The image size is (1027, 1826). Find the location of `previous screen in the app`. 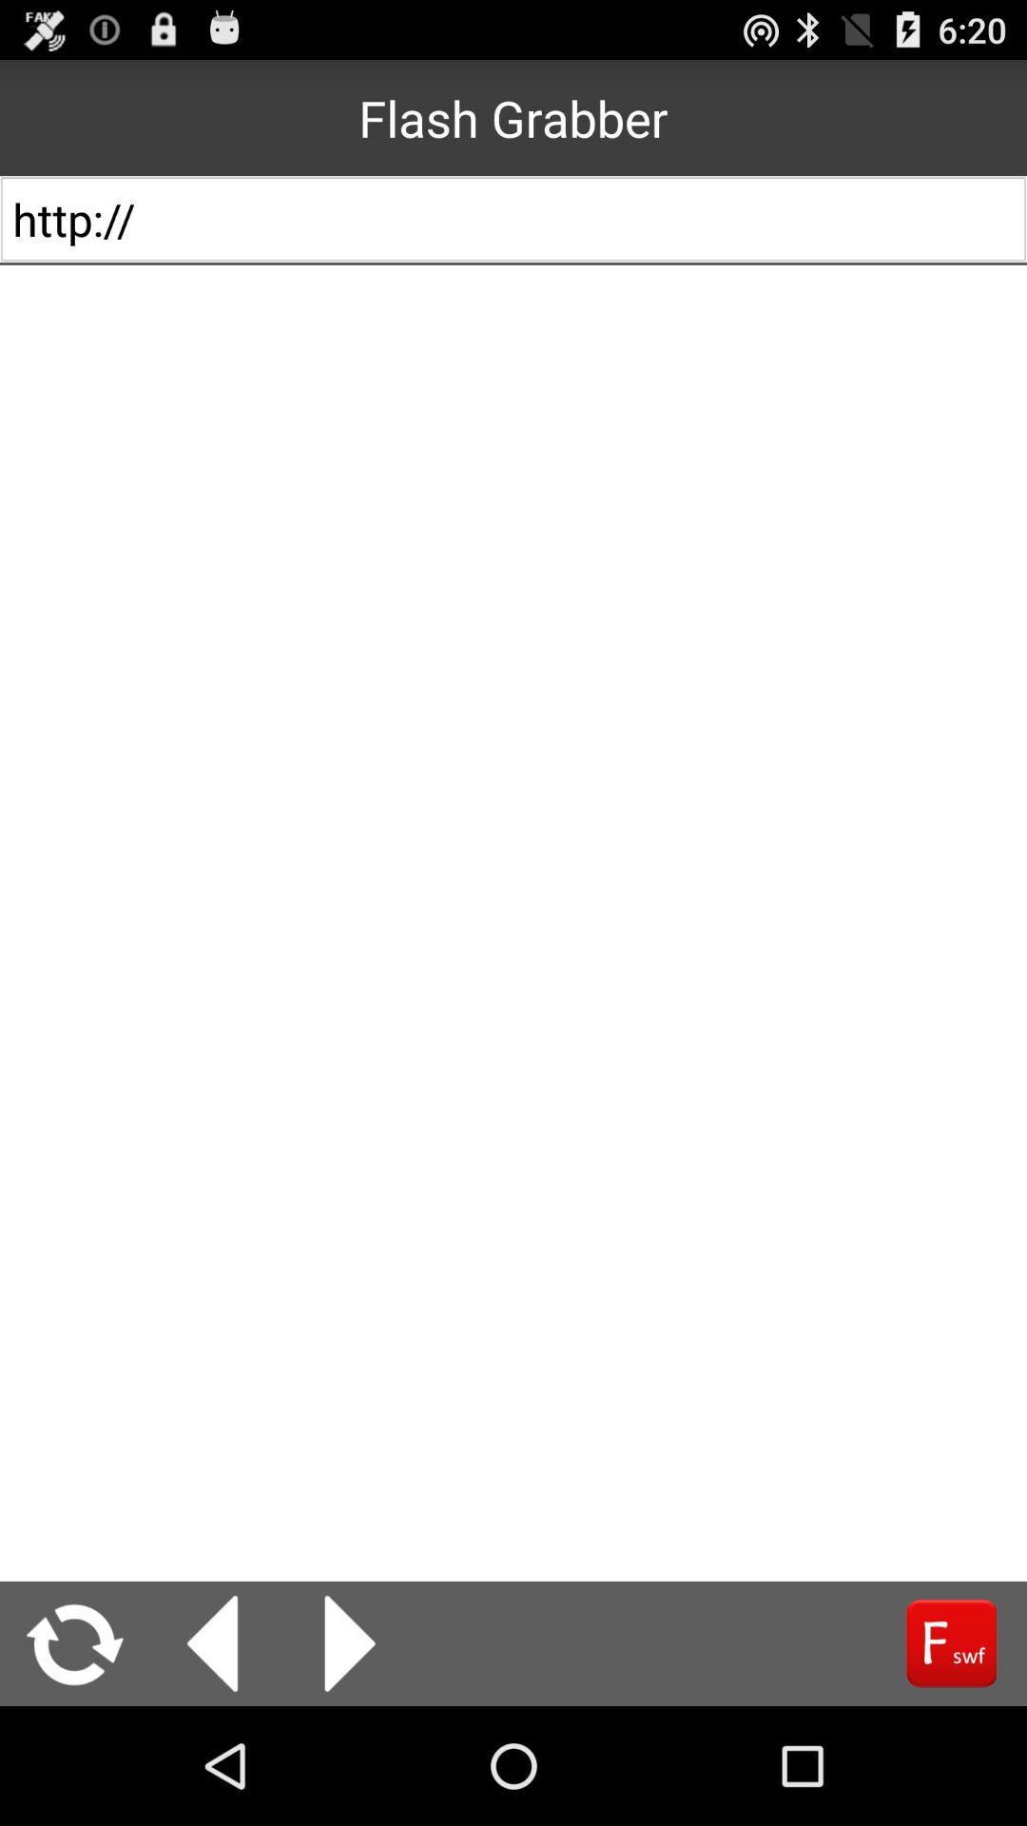

previous screen in the app is located at coordinates (212, 1642).